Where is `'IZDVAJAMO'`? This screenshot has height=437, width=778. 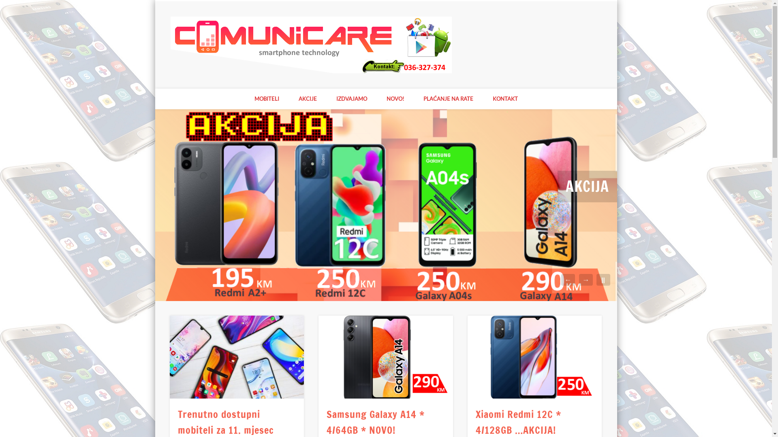
'IZDVAJAMO' is located at coordinates (352, 98).